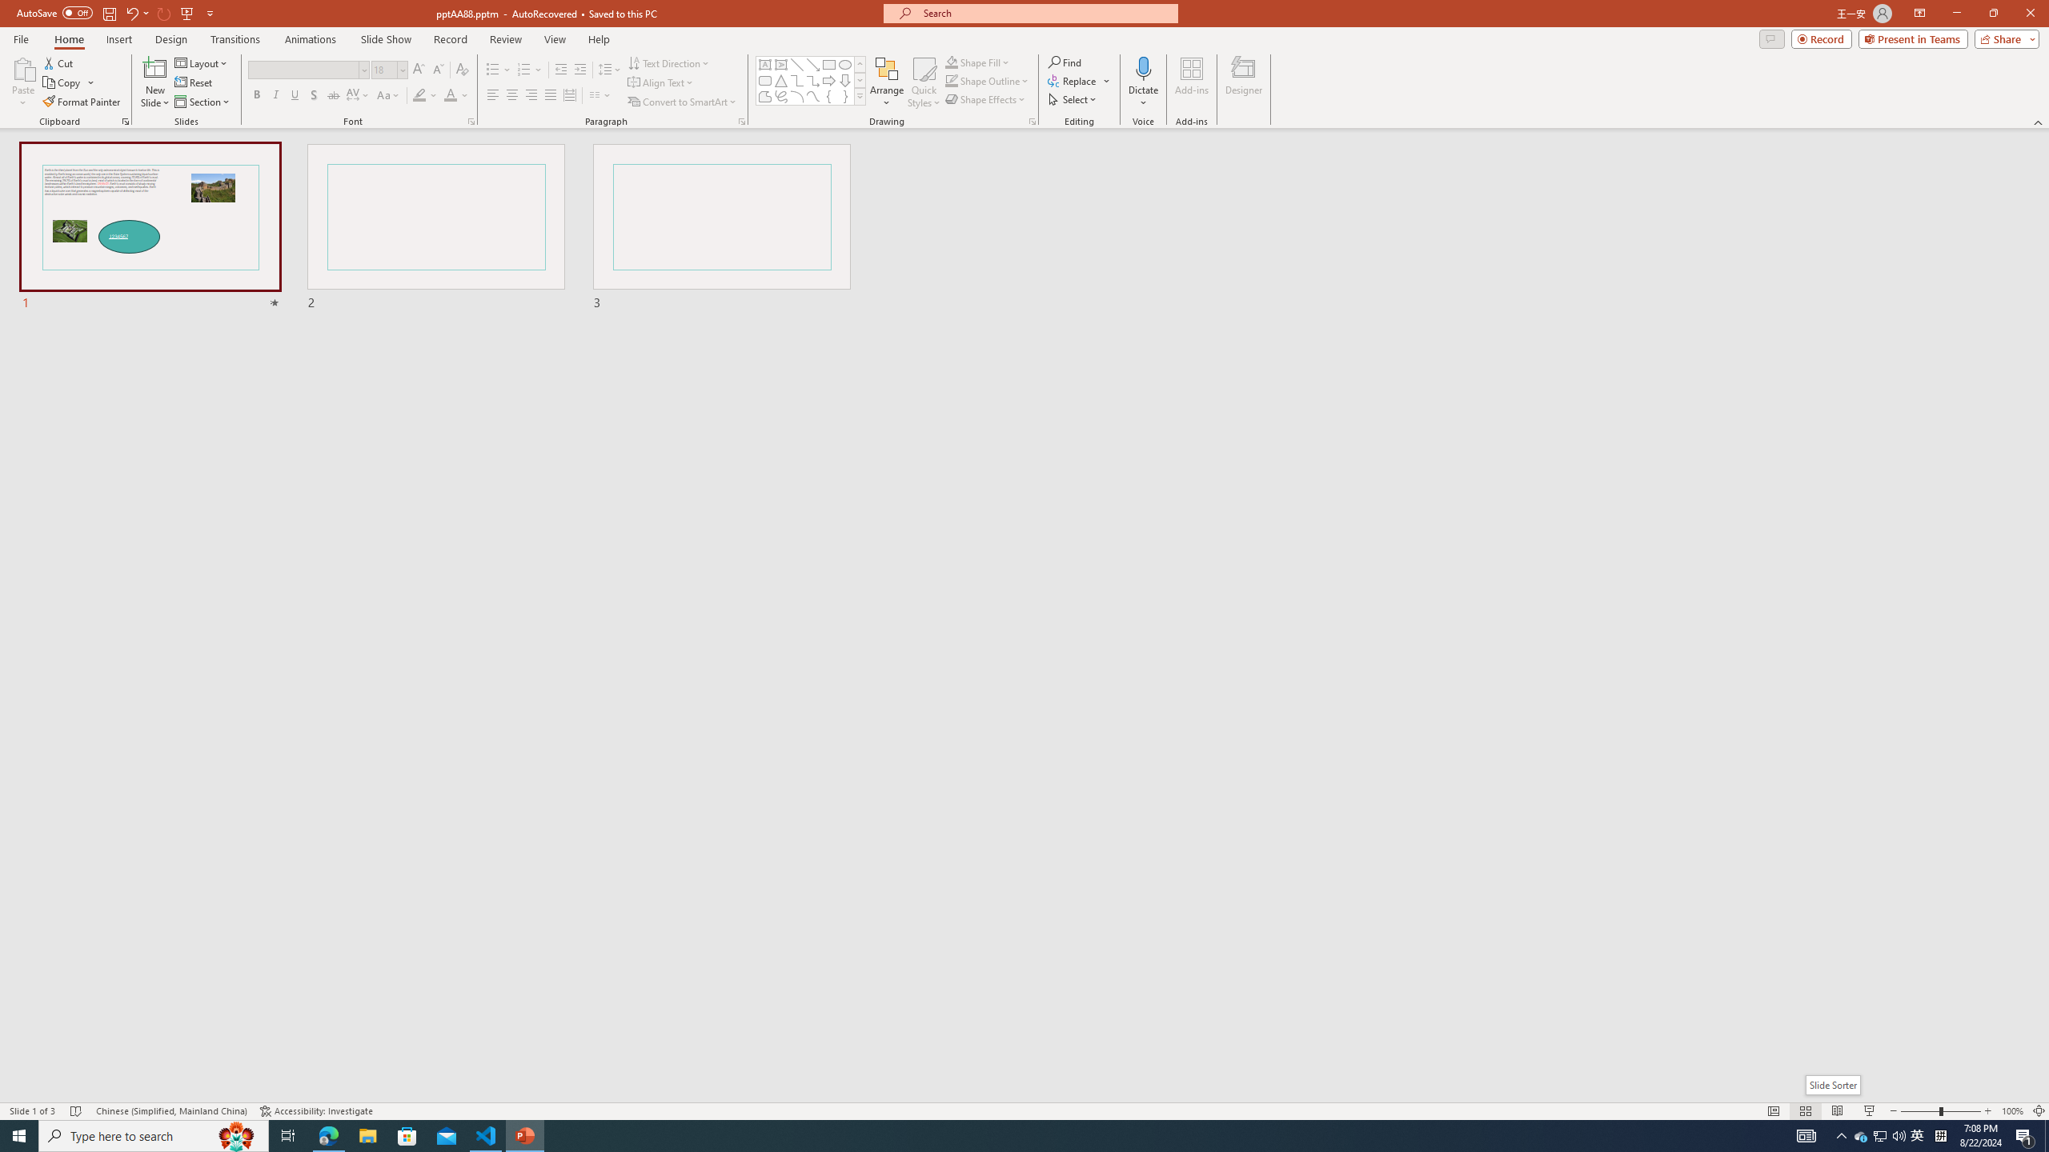 The image size is (2049, 1152). What do you see at coordinates (828, 64) in the screenshot?
I see `'Rectangle'` at bounding box center [828, 64].